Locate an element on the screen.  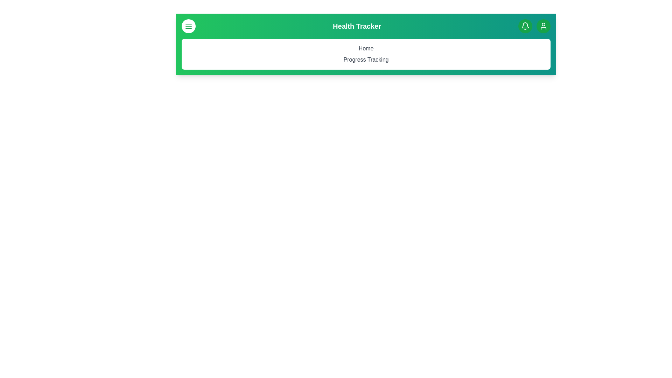
the menu item Progress Tracking to navigate to its respective section is located at coordinates (366, 59).